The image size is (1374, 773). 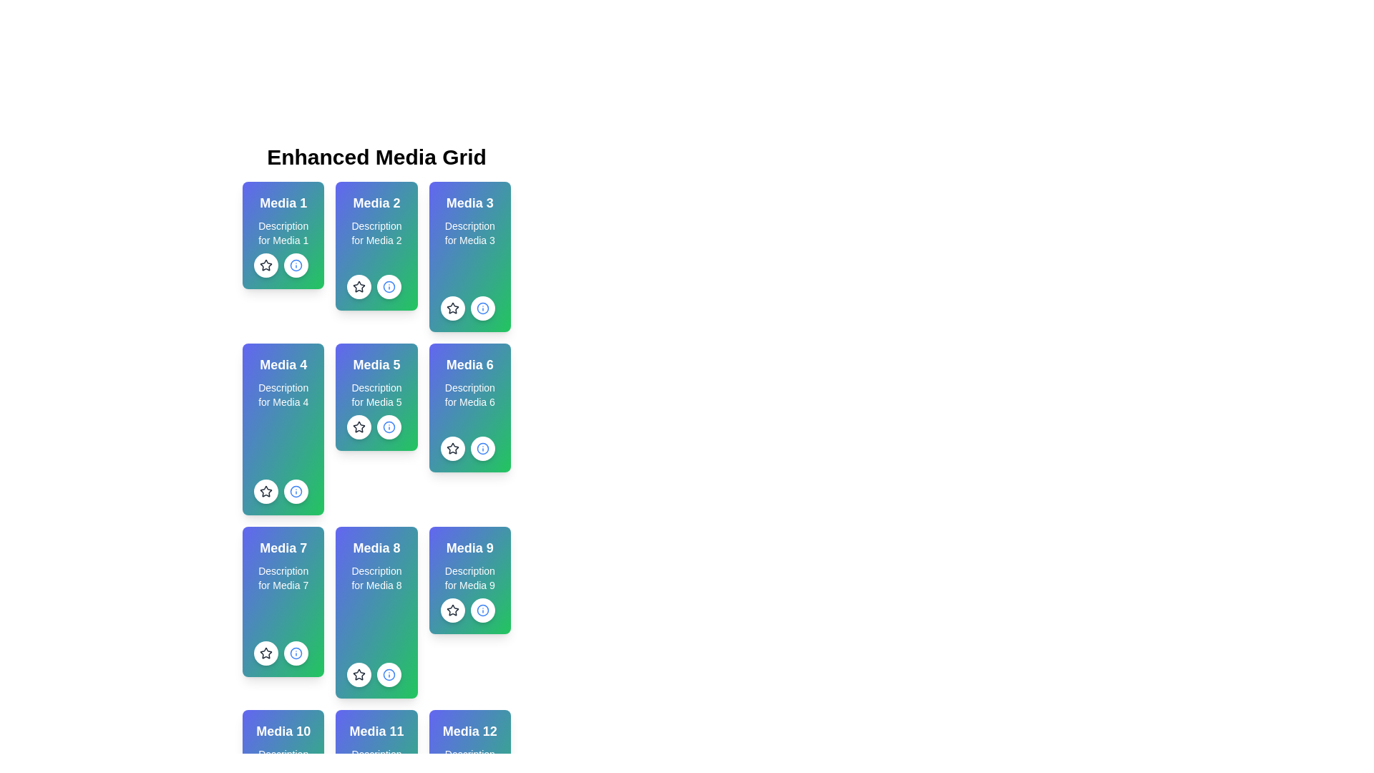 What do you see at coordinates (374, 674) in the screenshot?
I see `the circular interactive buttons located at the bottom-left area of the 'Media 8' card` at bounding box center [374, 674].